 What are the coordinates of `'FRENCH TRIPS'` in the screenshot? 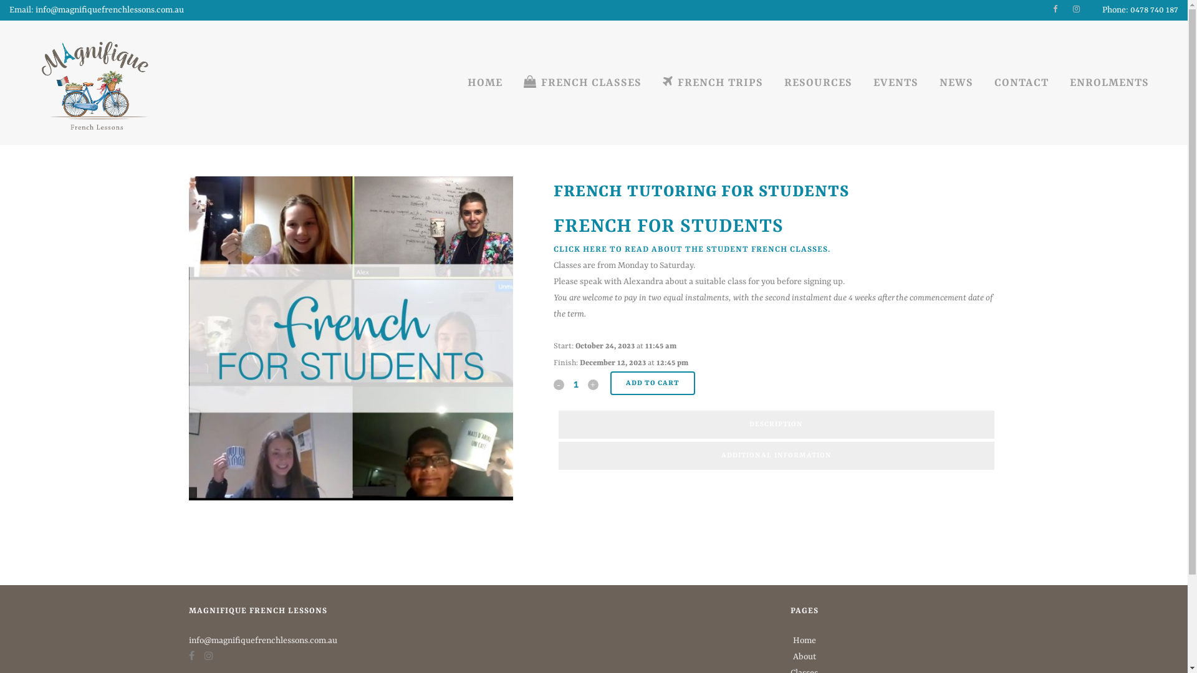 It's located at (713, 82).